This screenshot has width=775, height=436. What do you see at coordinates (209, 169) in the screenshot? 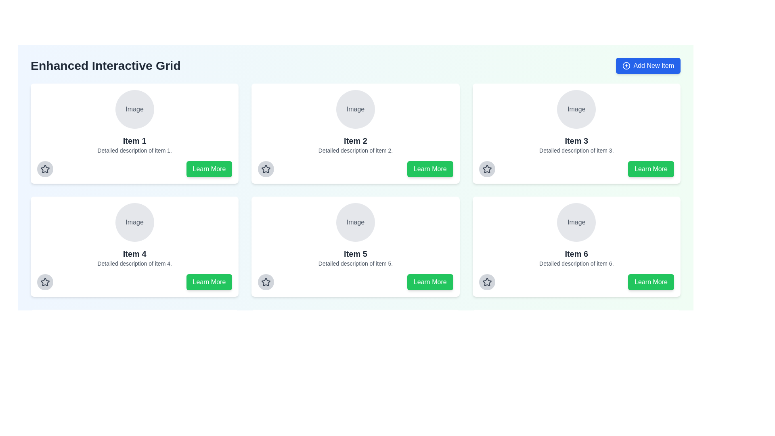
I see `the button located at the bottom-right of the card element` at bounding box center [209, 169].